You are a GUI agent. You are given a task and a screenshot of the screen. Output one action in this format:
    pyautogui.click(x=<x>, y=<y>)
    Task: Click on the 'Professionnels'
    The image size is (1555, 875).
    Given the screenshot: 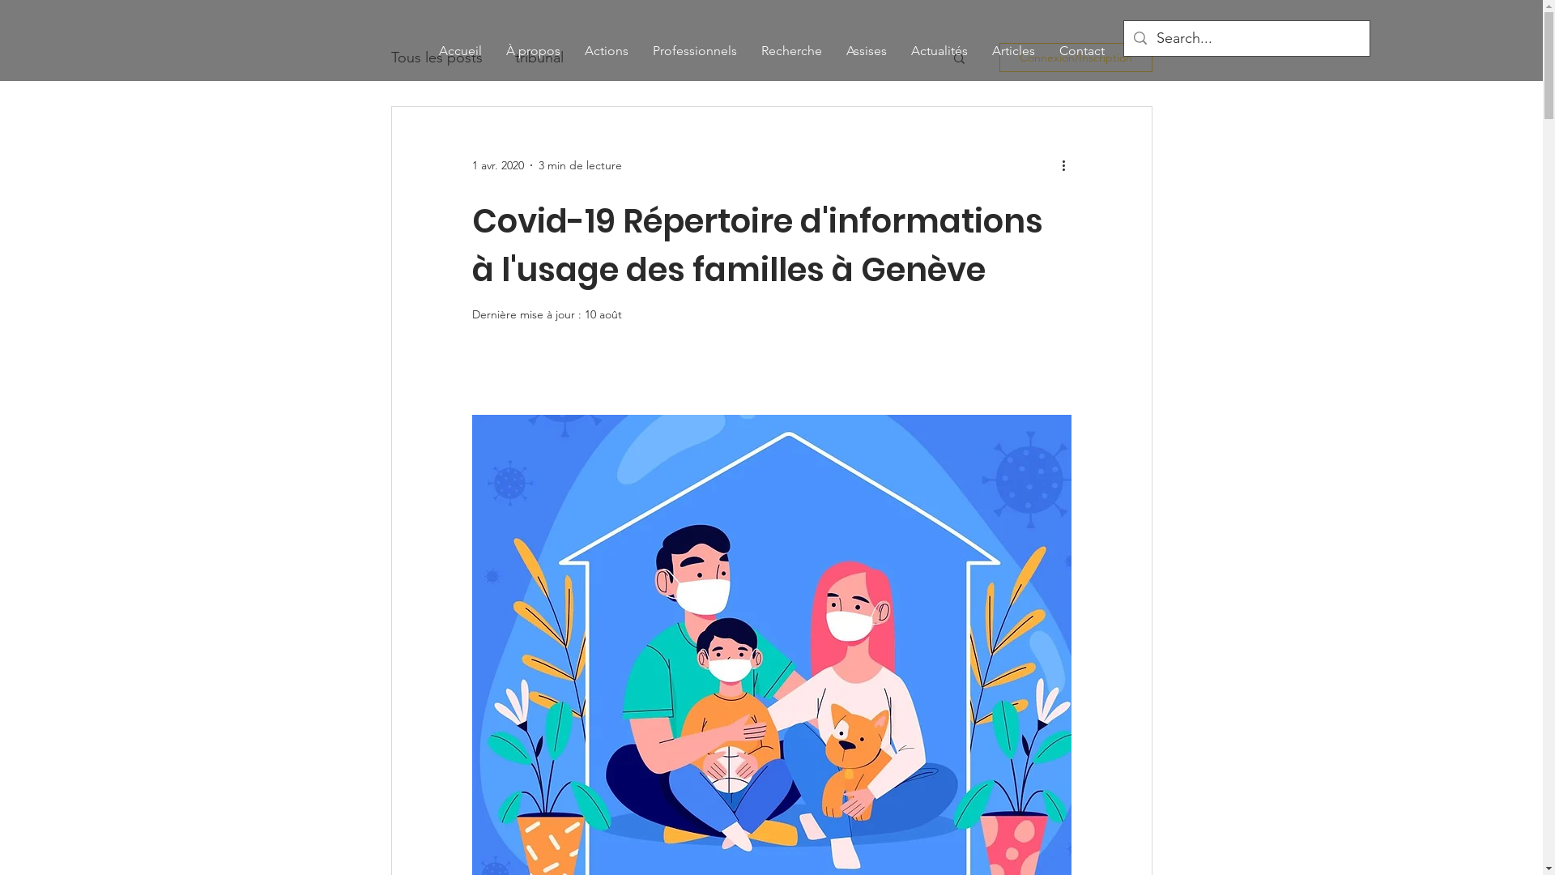 What is the action you would take?
    pyautogui.click(x=694, y=49)
    